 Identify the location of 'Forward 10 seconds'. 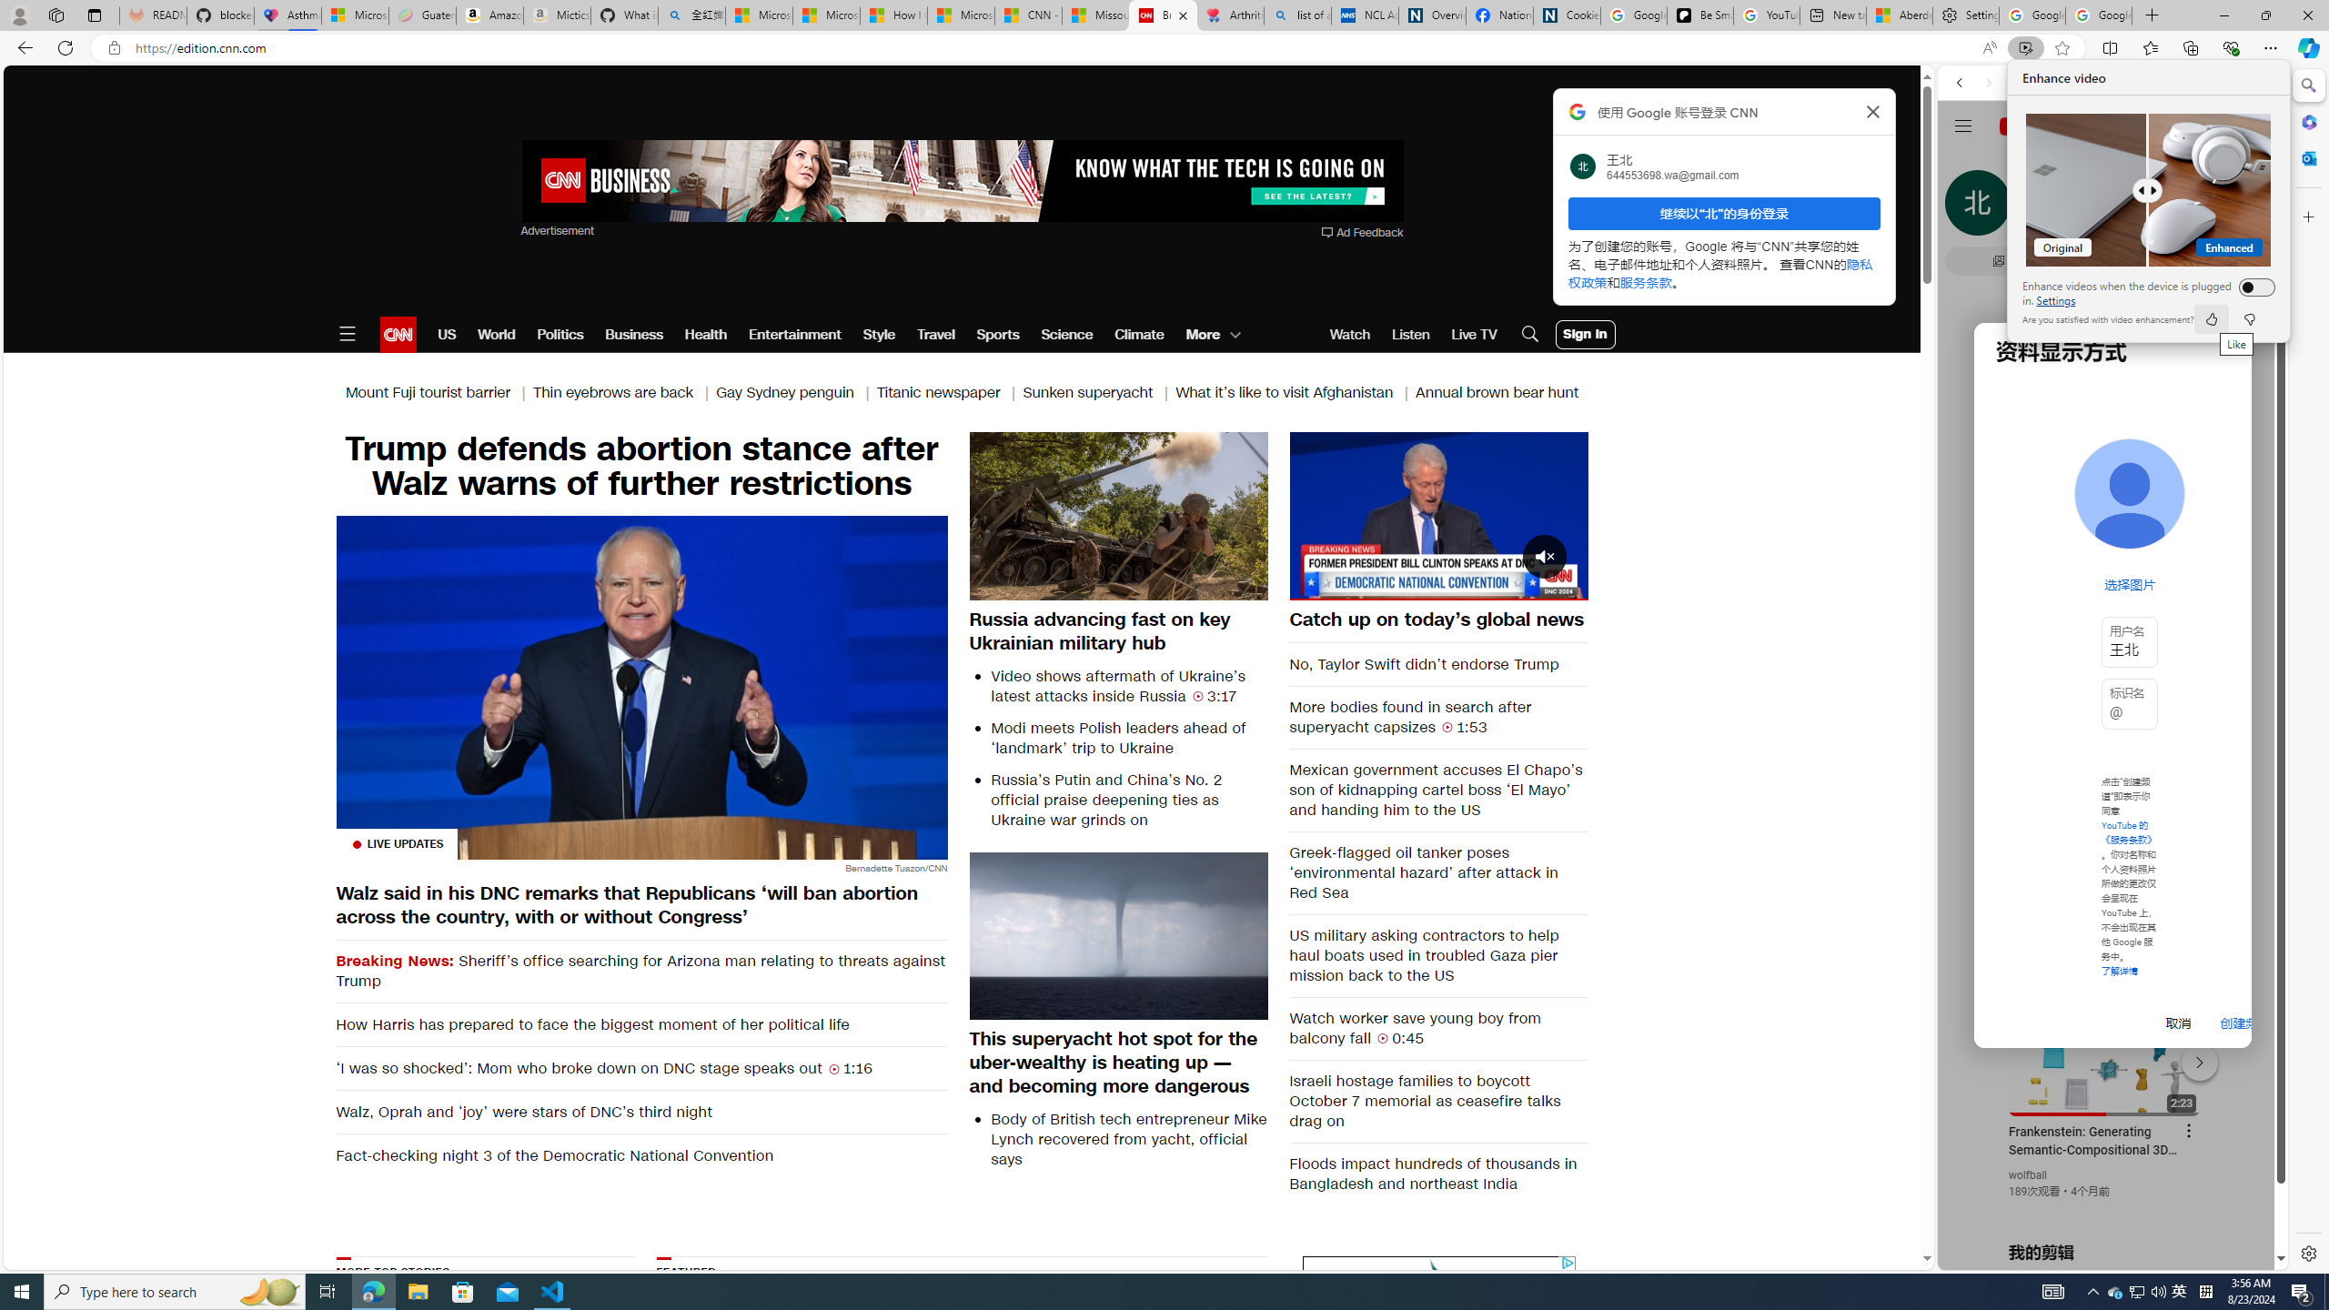
(1491, 513).